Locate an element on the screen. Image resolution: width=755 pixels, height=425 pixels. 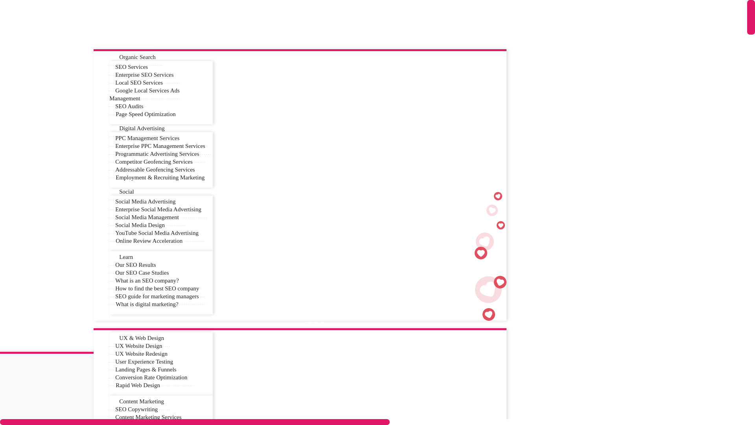
'Addressable Geofencing Services' is located at coordinates (109, 169).